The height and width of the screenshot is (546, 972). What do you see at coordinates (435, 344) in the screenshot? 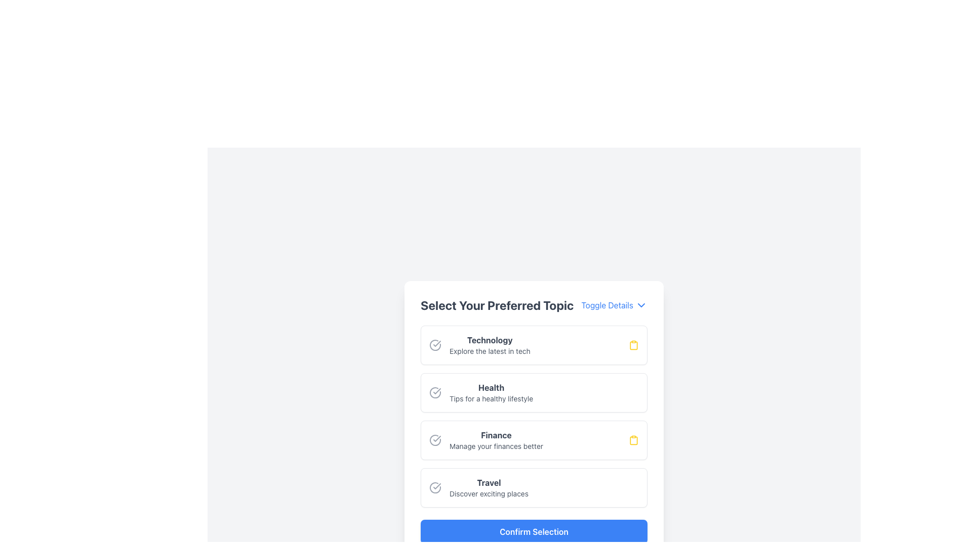
I see `the circular Selection Indicator (Checkmark Icon) to change the selection status` at bounding box center [435, 344].